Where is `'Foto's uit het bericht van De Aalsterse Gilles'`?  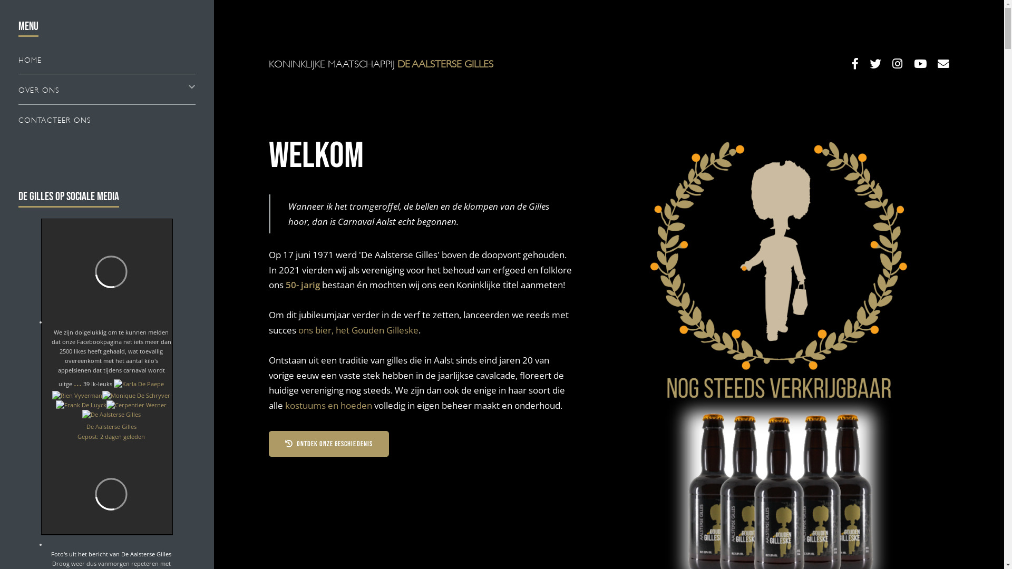 'Foto's uit het bericht van De Aalsterse Gilles' is located at coordinates (111, 553).